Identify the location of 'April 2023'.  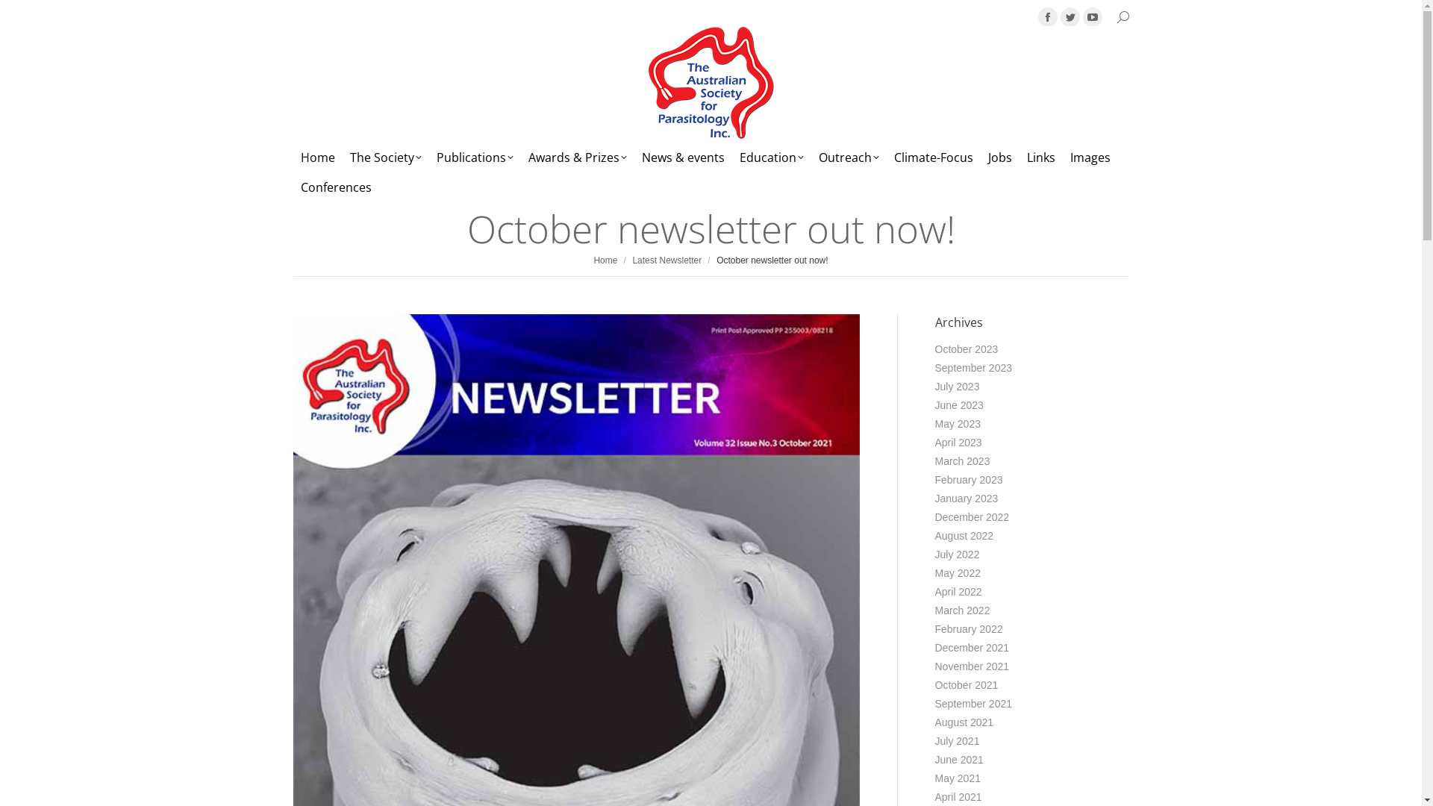
(958, 442).